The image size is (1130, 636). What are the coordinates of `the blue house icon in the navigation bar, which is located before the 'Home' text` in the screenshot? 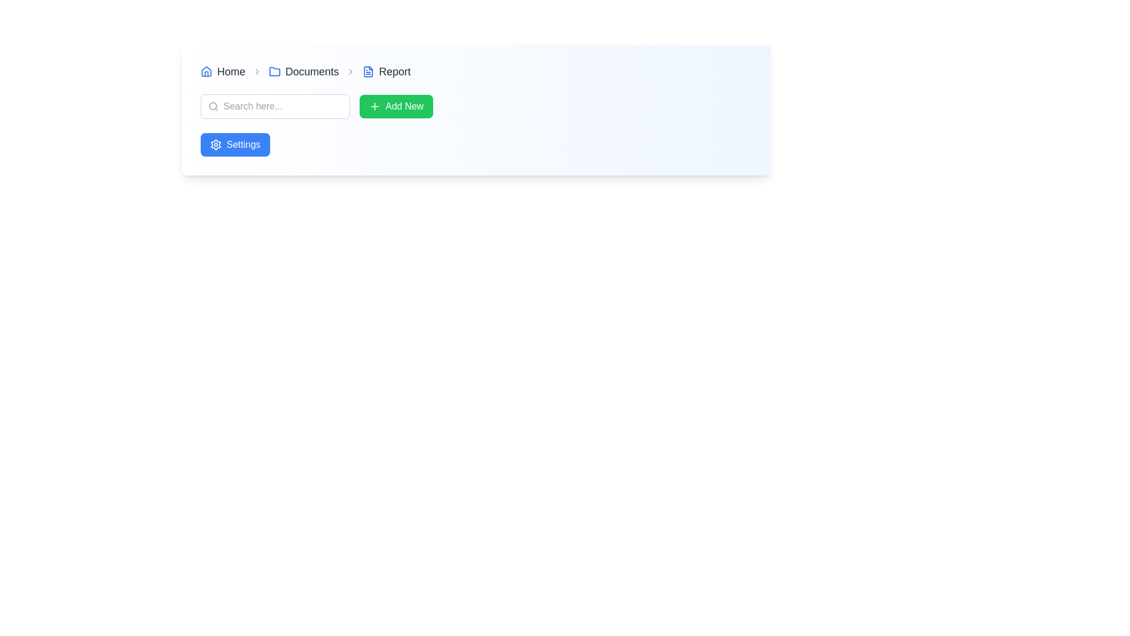 It's located at (206, 72).